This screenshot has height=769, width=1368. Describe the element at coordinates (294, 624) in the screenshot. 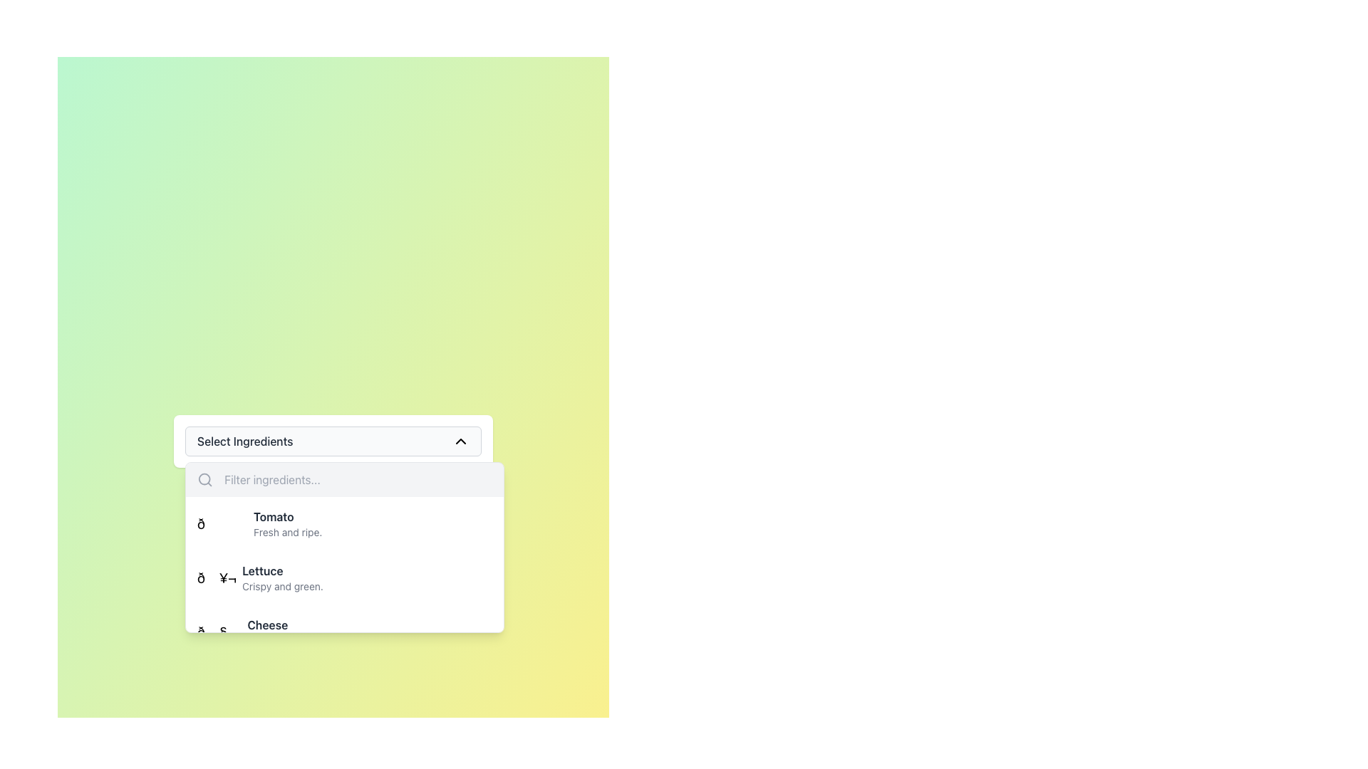

I see `the bold, dark gray text displaying 'Cheese', which is styled as a header above the subtext 'Creamy and smooth.'` at that location.